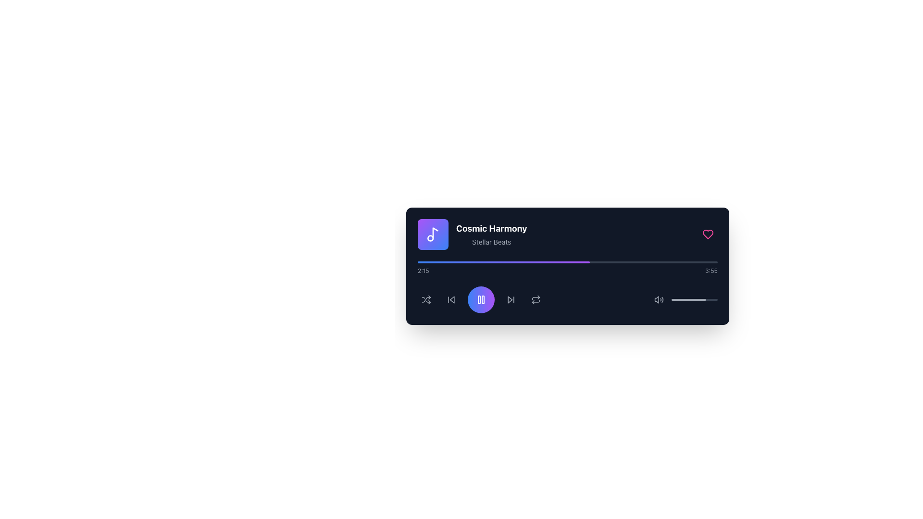  What do you see at coordinates (503, 262) in the screenshot?
I see `the horizontal gradient-colored progress indicator located within the music player interface, transitioning from blue to purple and occupying around 57% of the width` at bounding box center [503, 262].